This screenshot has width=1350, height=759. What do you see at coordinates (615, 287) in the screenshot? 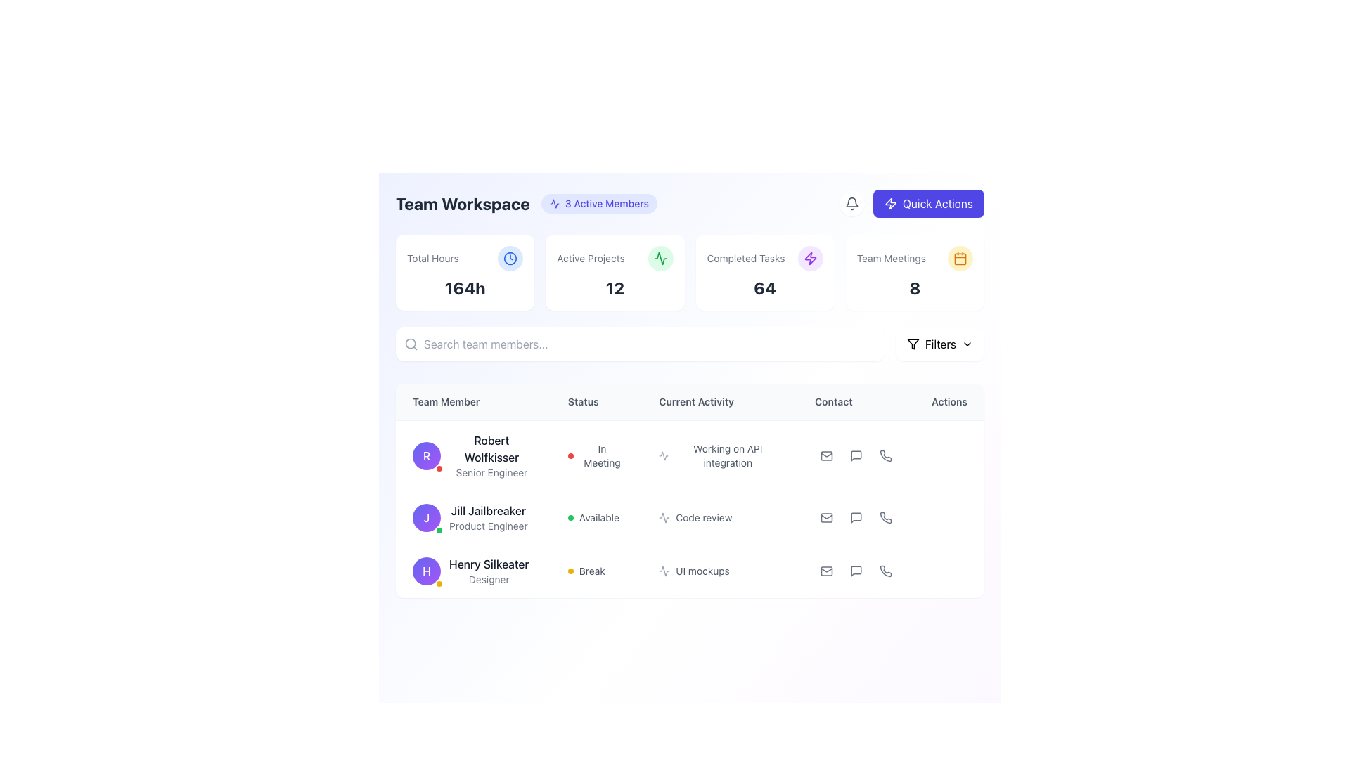
I see `the Text Display element showing the number '12' in bold black text, which is part of the card for 'Active Projects' metrics` at bounding box center [615, 287].